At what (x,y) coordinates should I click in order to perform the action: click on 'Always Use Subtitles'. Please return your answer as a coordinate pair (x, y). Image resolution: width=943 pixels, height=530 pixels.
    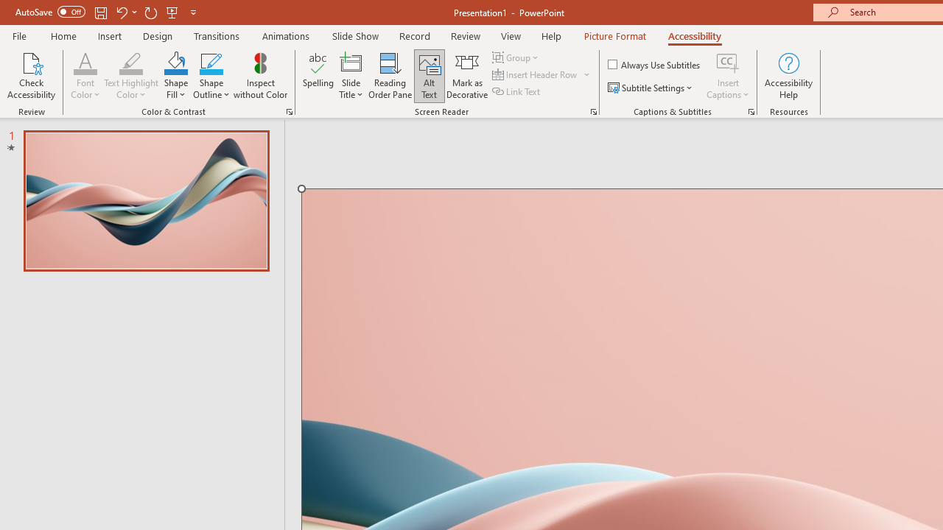
    Looking at the image, I should click on (654, 63).